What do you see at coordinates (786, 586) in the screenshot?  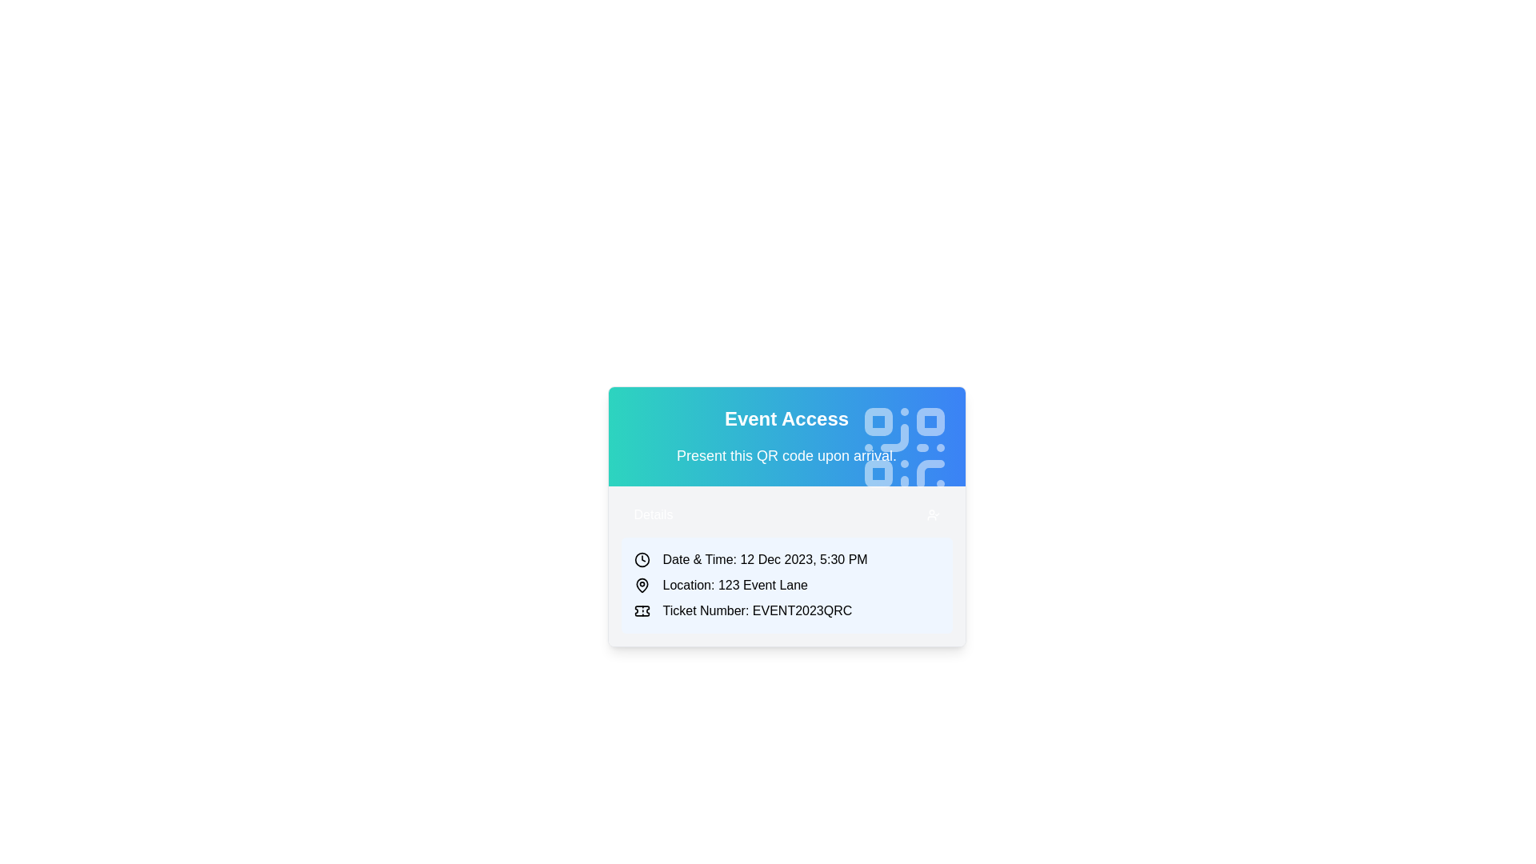 I see `address displayed in the second text label below 'Date & Time' in the 'Event Access' box` at bounding box center [786, 586].